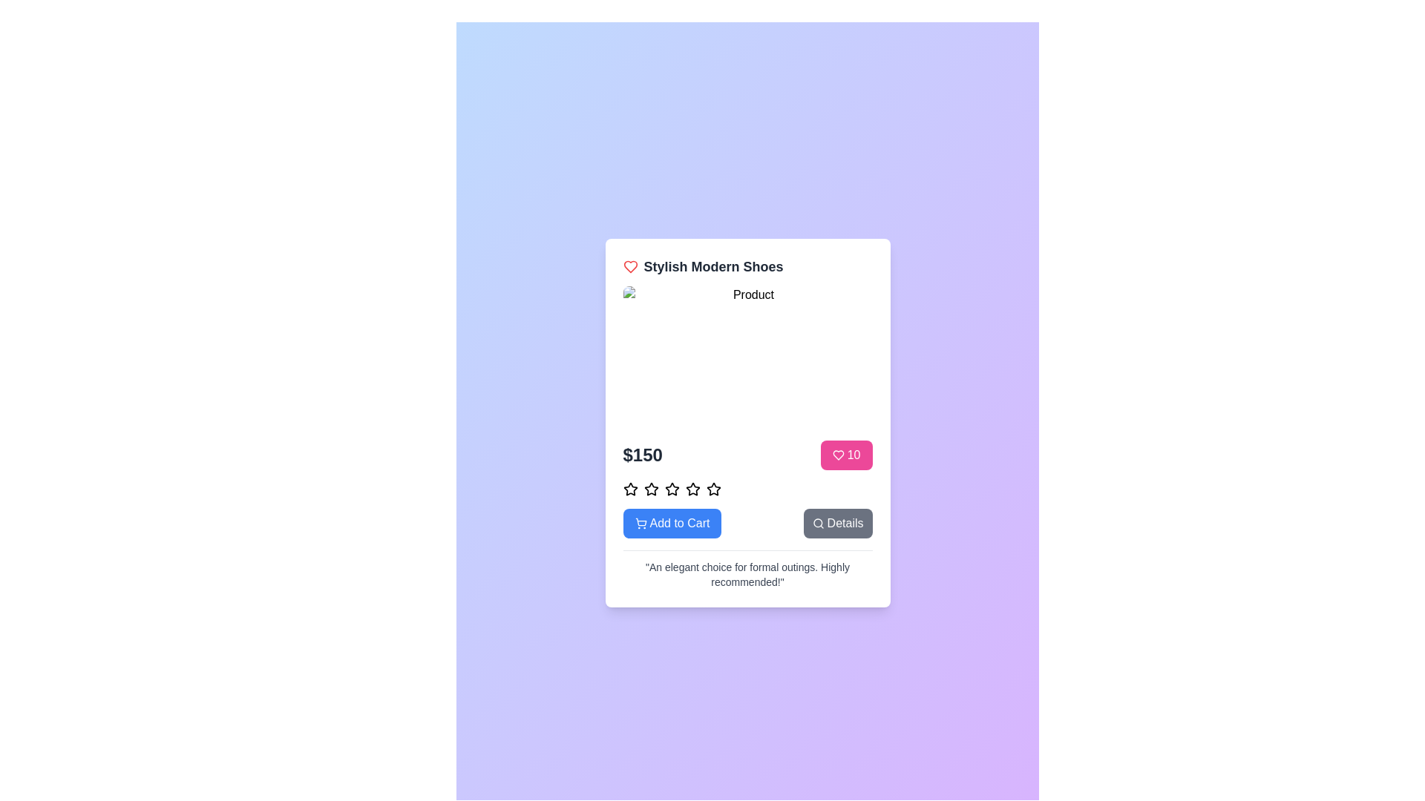 The width and height of the screenshot is (1425, 801). I want to click on the second star icon in the rating mechanism to modify the rating for the displayed product, so click(651, 489).